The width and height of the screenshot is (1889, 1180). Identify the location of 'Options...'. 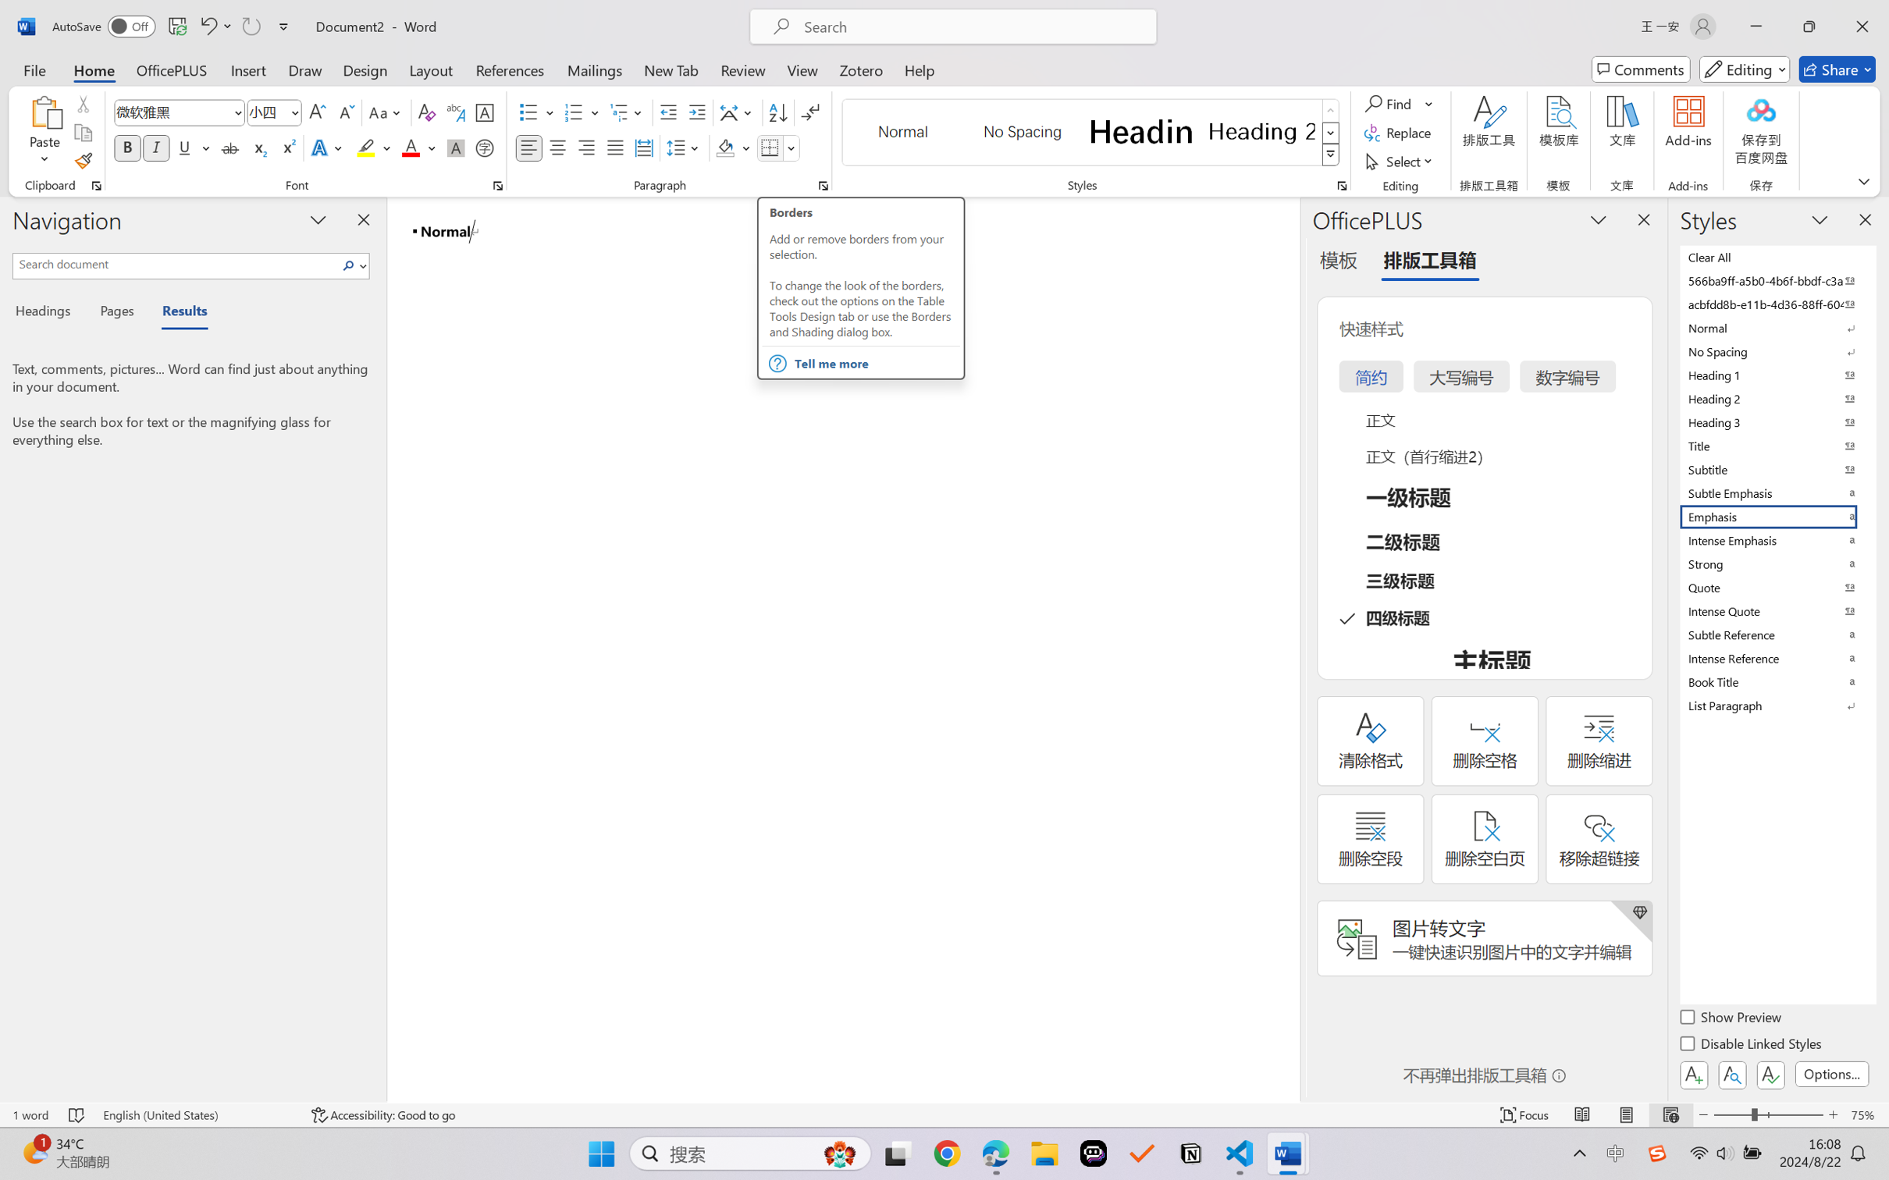
(1830, 1073).